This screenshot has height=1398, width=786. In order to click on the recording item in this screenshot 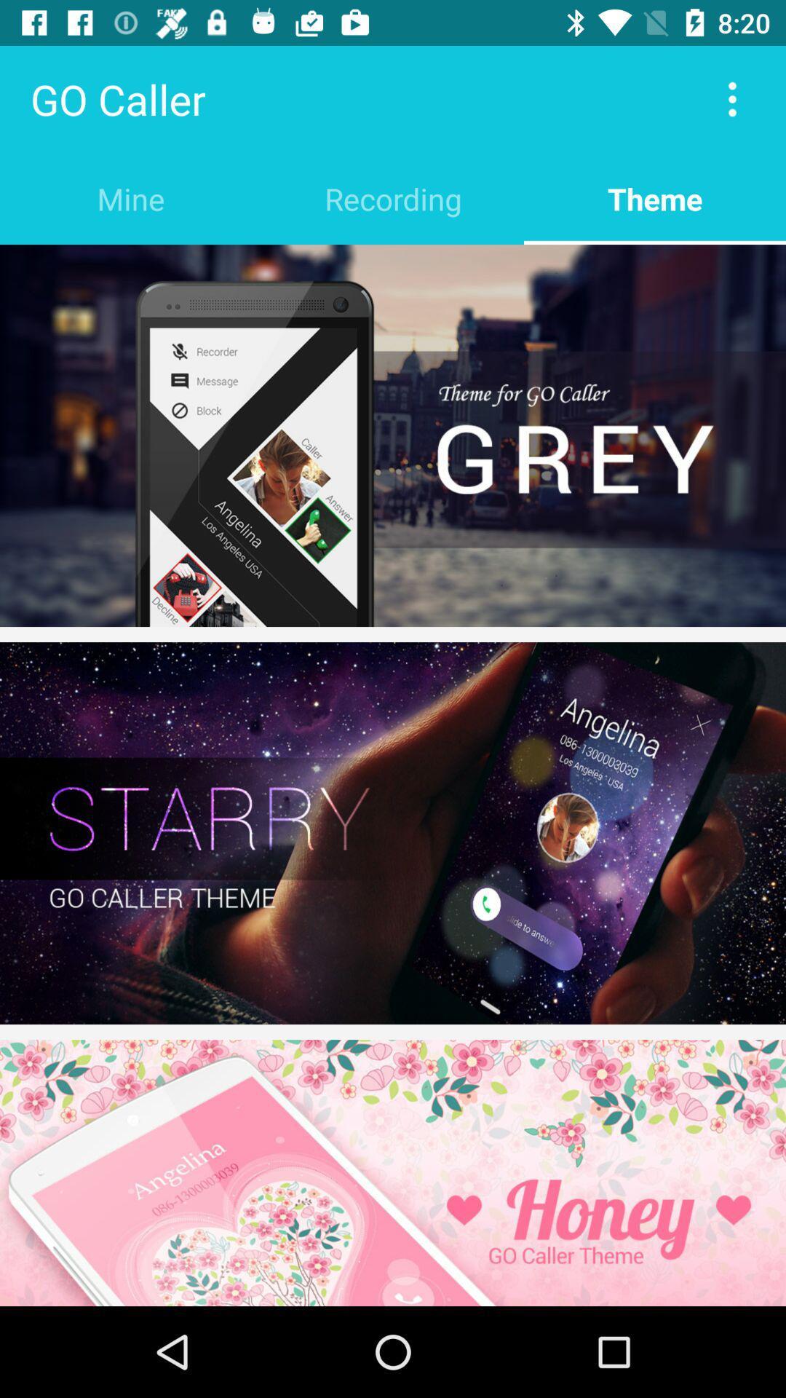, I will do `click(393, 198)`.